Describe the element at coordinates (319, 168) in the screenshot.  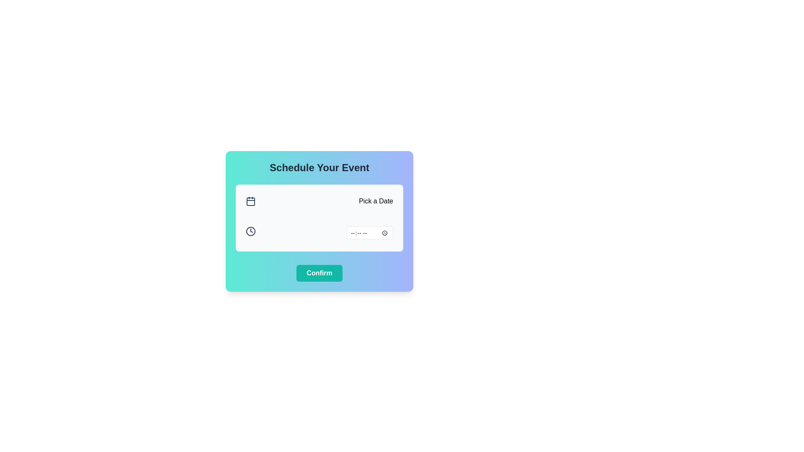
I see `text label located at the top-center of the rounded panel, which serves as the title for the section` at that location.